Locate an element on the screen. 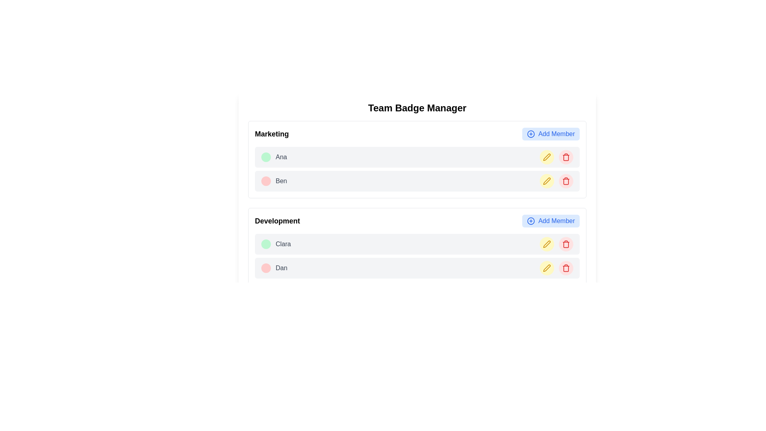 The height and width of the screenshot is (431, 766). the circular yellow button with a pen icon located in the Marketing department section associated with user 'Ben' is located at coordinates (547, 157).